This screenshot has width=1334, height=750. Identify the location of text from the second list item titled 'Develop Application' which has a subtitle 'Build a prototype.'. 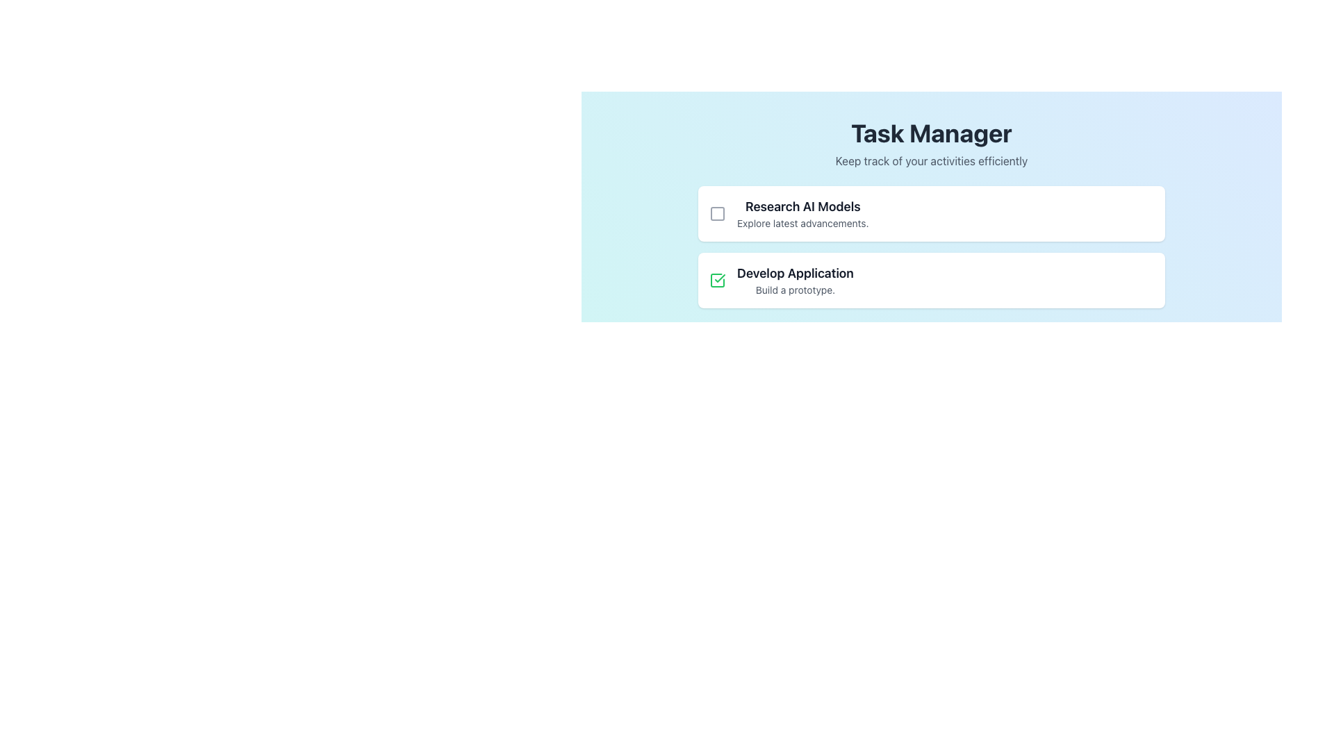
(795, 281).